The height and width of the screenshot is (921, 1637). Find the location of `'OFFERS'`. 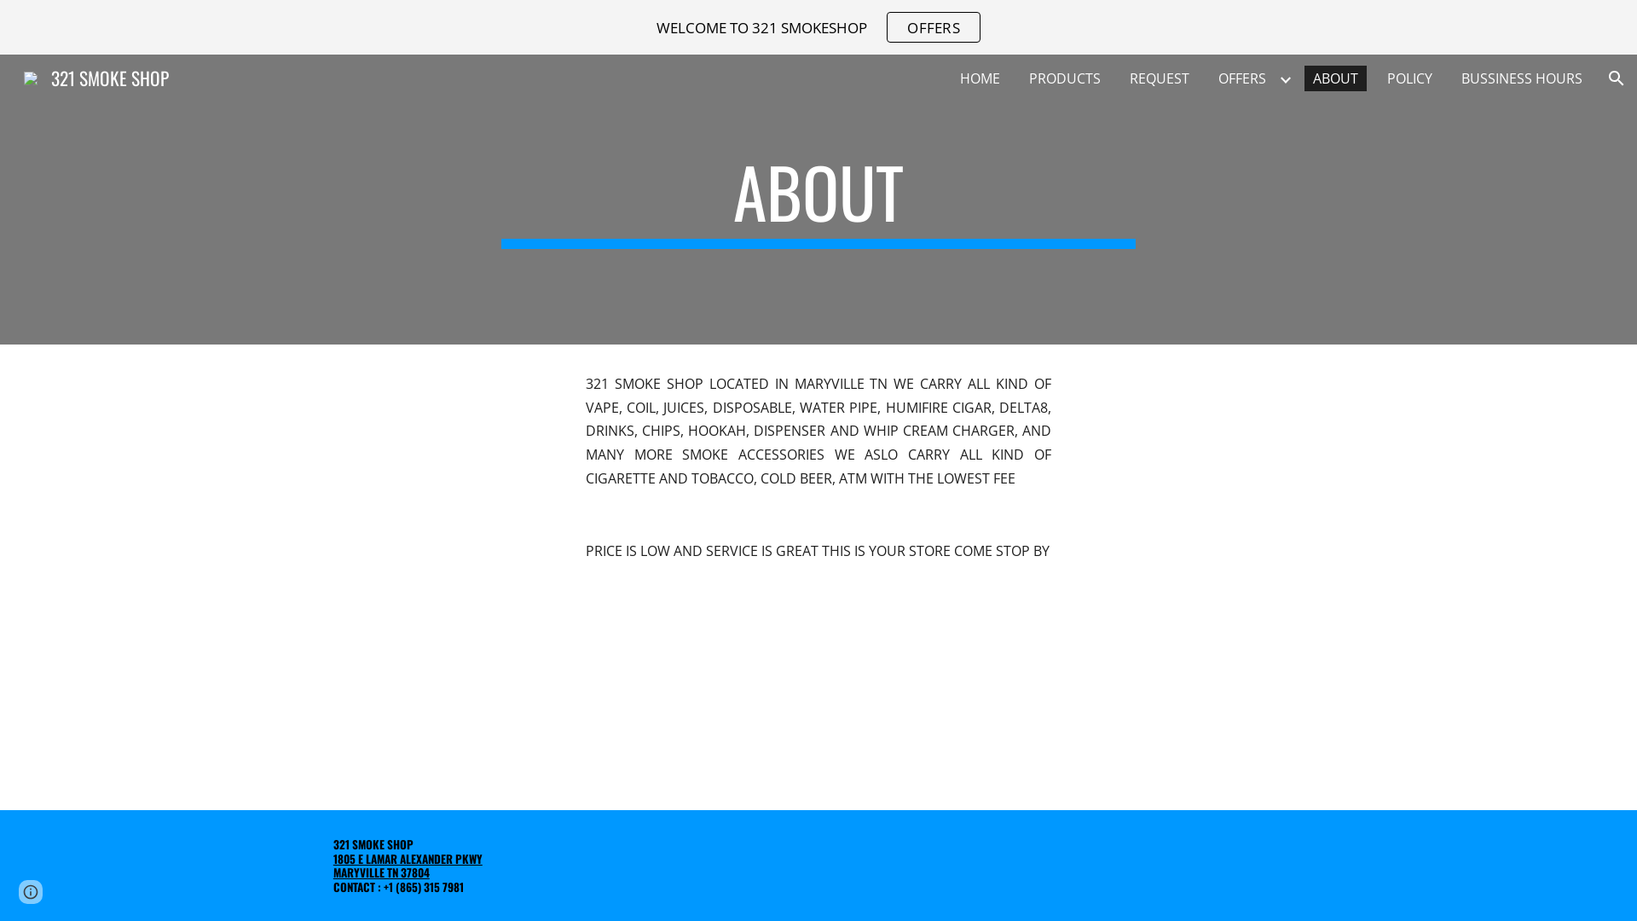

'OFFERS' is located at coordinates (887, 26).